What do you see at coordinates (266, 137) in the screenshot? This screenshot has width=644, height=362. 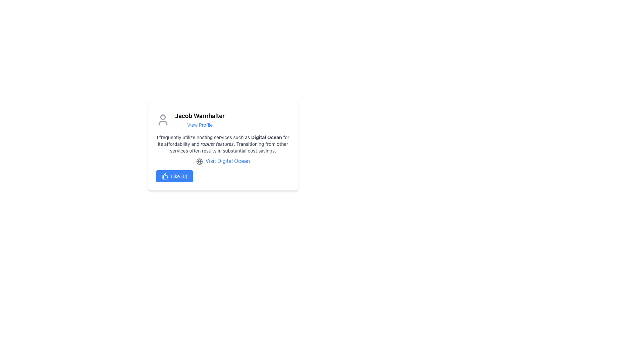 I see `bold text element 'Digital Ocean' which is the first bold phrase in the paragraph within the card-style UI component` at bounding box center [266, 137].